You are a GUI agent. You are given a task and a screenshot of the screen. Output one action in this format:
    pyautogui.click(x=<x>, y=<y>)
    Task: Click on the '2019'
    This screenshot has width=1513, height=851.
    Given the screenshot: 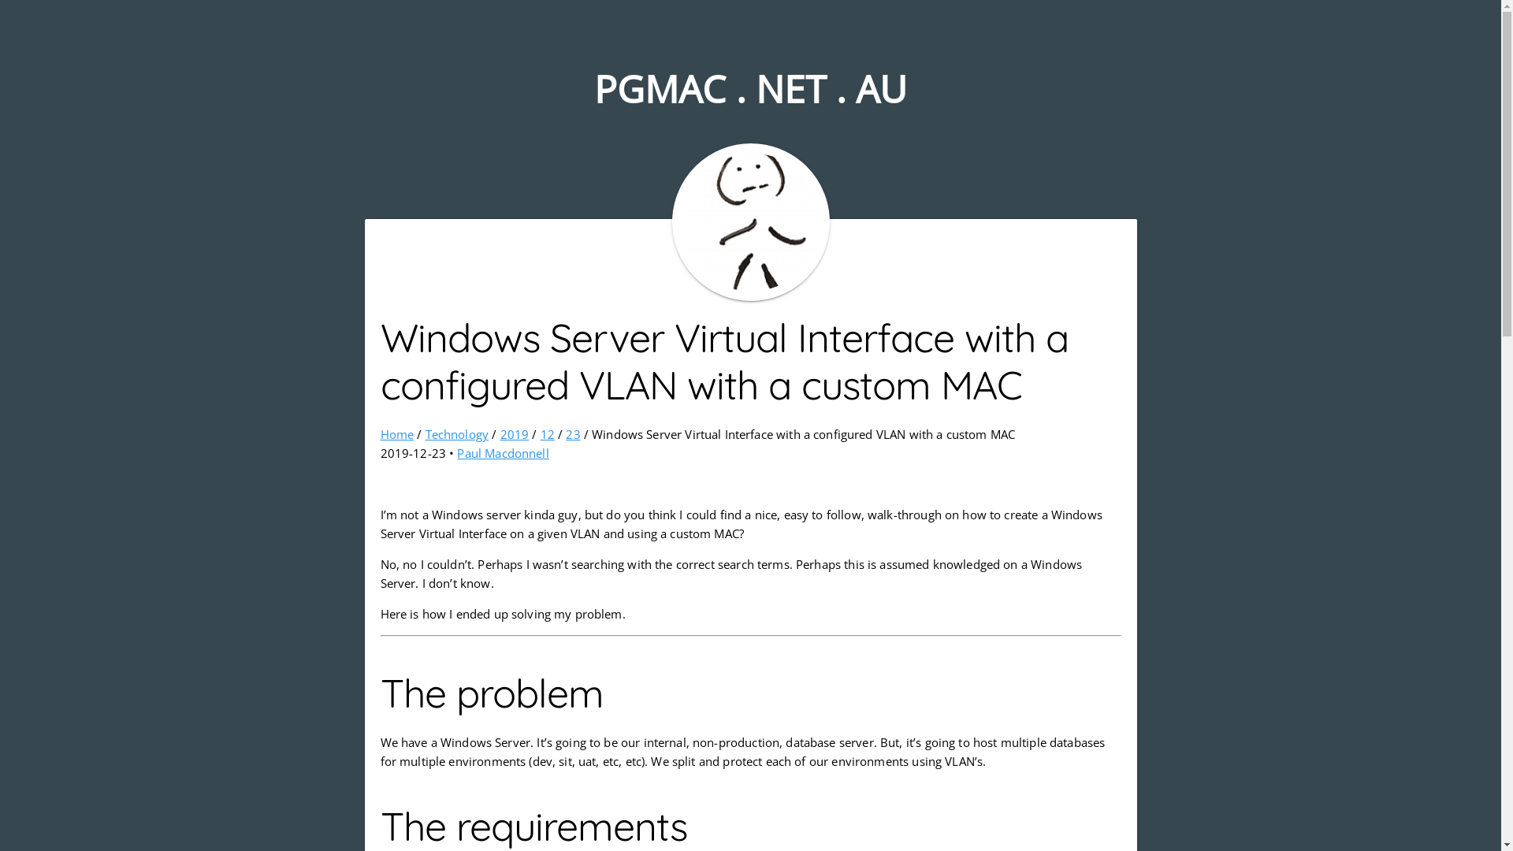 What is the action you would take?
    pyautogui.click(x=515, y=434)
    